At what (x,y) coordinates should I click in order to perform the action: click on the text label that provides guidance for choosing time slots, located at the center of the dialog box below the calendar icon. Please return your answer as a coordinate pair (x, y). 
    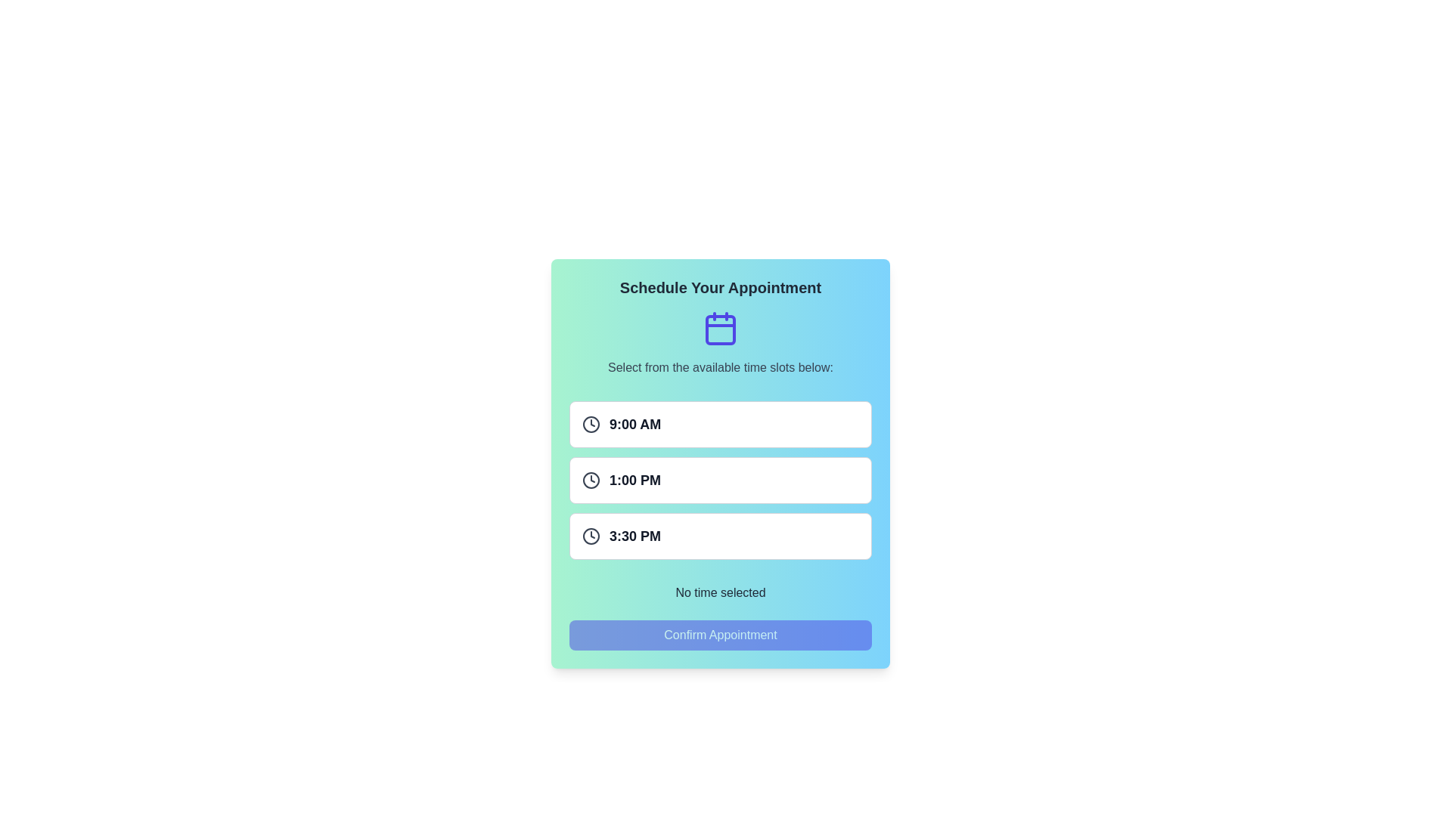
    Looking at the image, I should click on (720, 367).